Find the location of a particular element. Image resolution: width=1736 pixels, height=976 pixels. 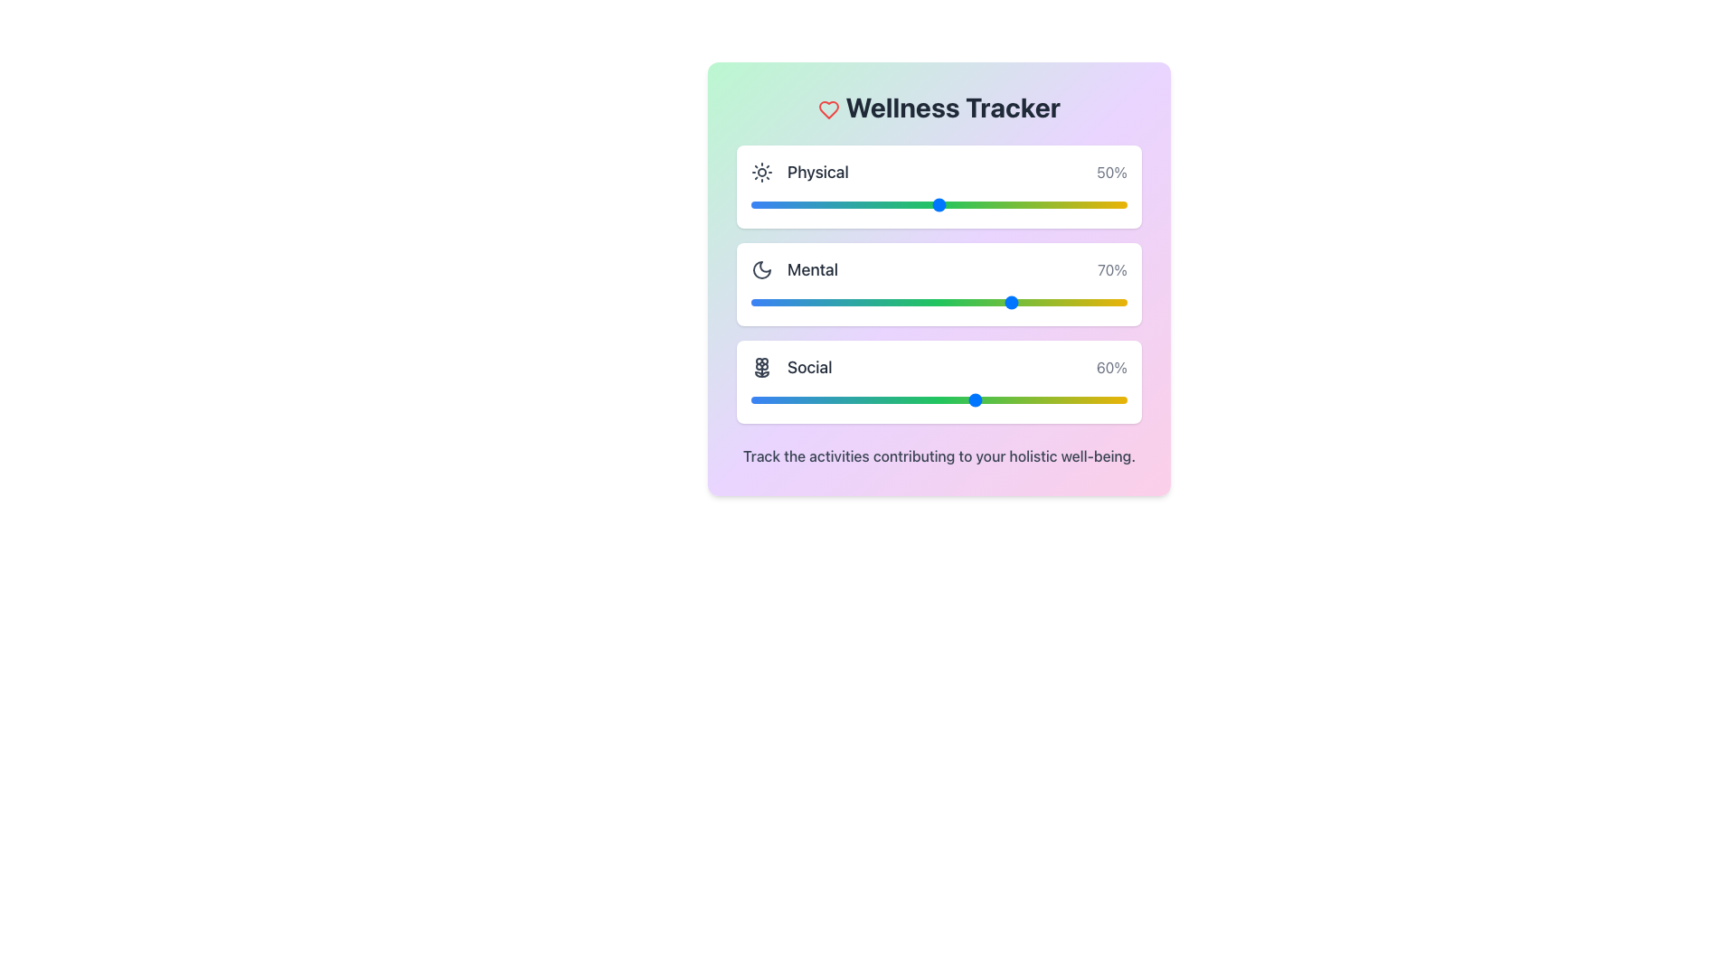

the track of the 'Physical' slider, located below the 'Physical' label and to the left of '50%', to set the value is located at coordinates (939, 204).